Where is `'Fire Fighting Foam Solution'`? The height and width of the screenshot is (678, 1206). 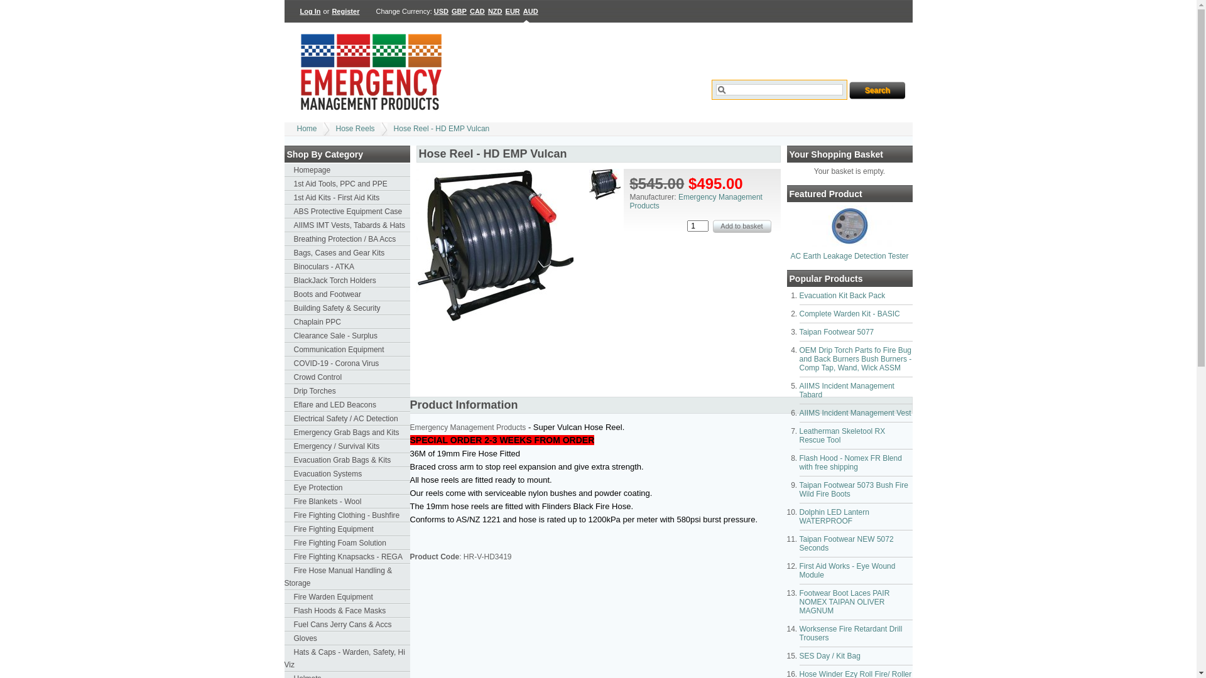
'Fire Fighting Foam Solution' is located at coordinates (347, 542).